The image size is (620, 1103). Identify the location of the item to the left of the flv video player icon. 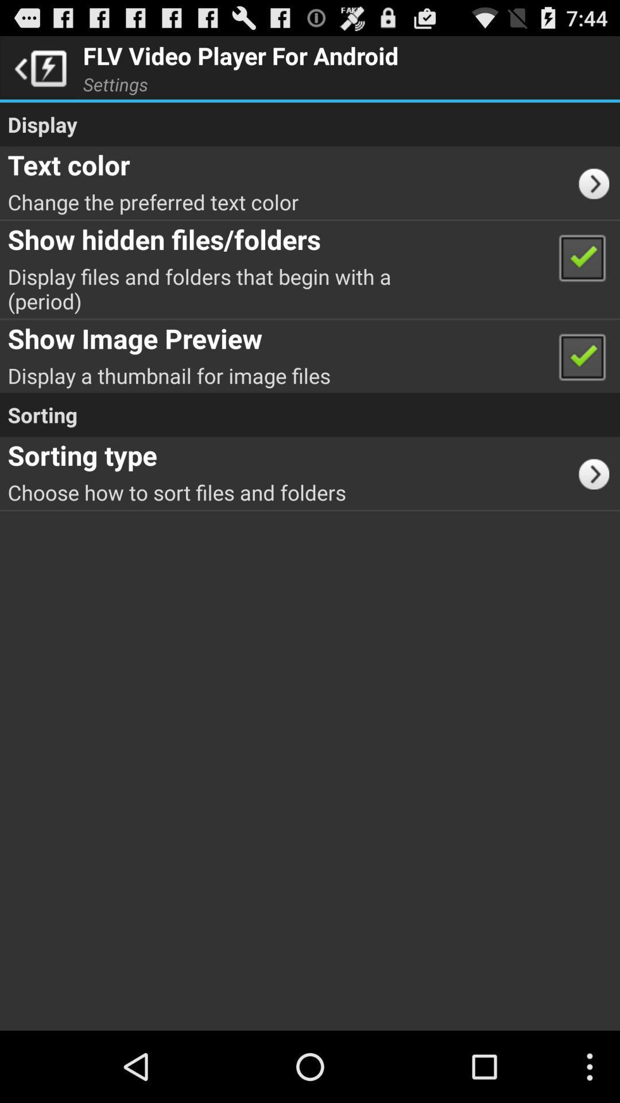
(37, 67).